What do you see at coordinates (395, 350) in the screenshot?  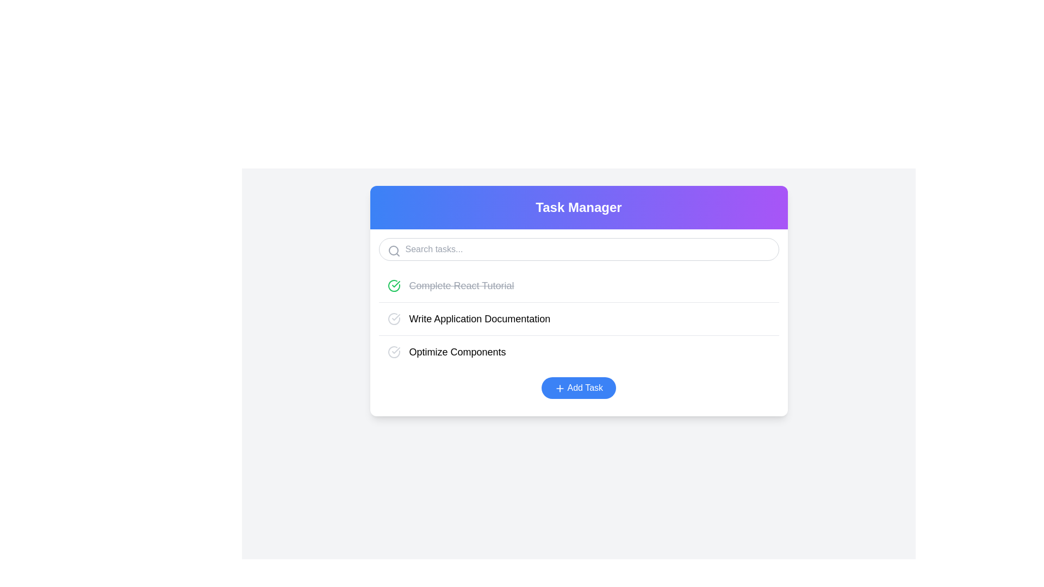 I see `the thin check-mark icon located within the second task indicator, which is below the green check icon and to the left of 'Write Application Documentation'` at bounding box center [395, 350].